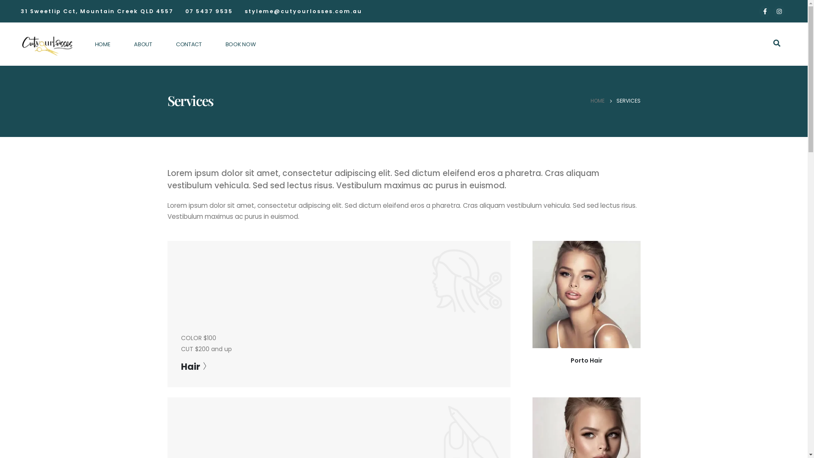 Image resolution: width=814 pixels, height=458 pixels. Describe the element at coordinates (46, 44) in the screenshot. I see `'Cut Your Losses - Hair and Beauty Salon Mountain Creek'` at that location.